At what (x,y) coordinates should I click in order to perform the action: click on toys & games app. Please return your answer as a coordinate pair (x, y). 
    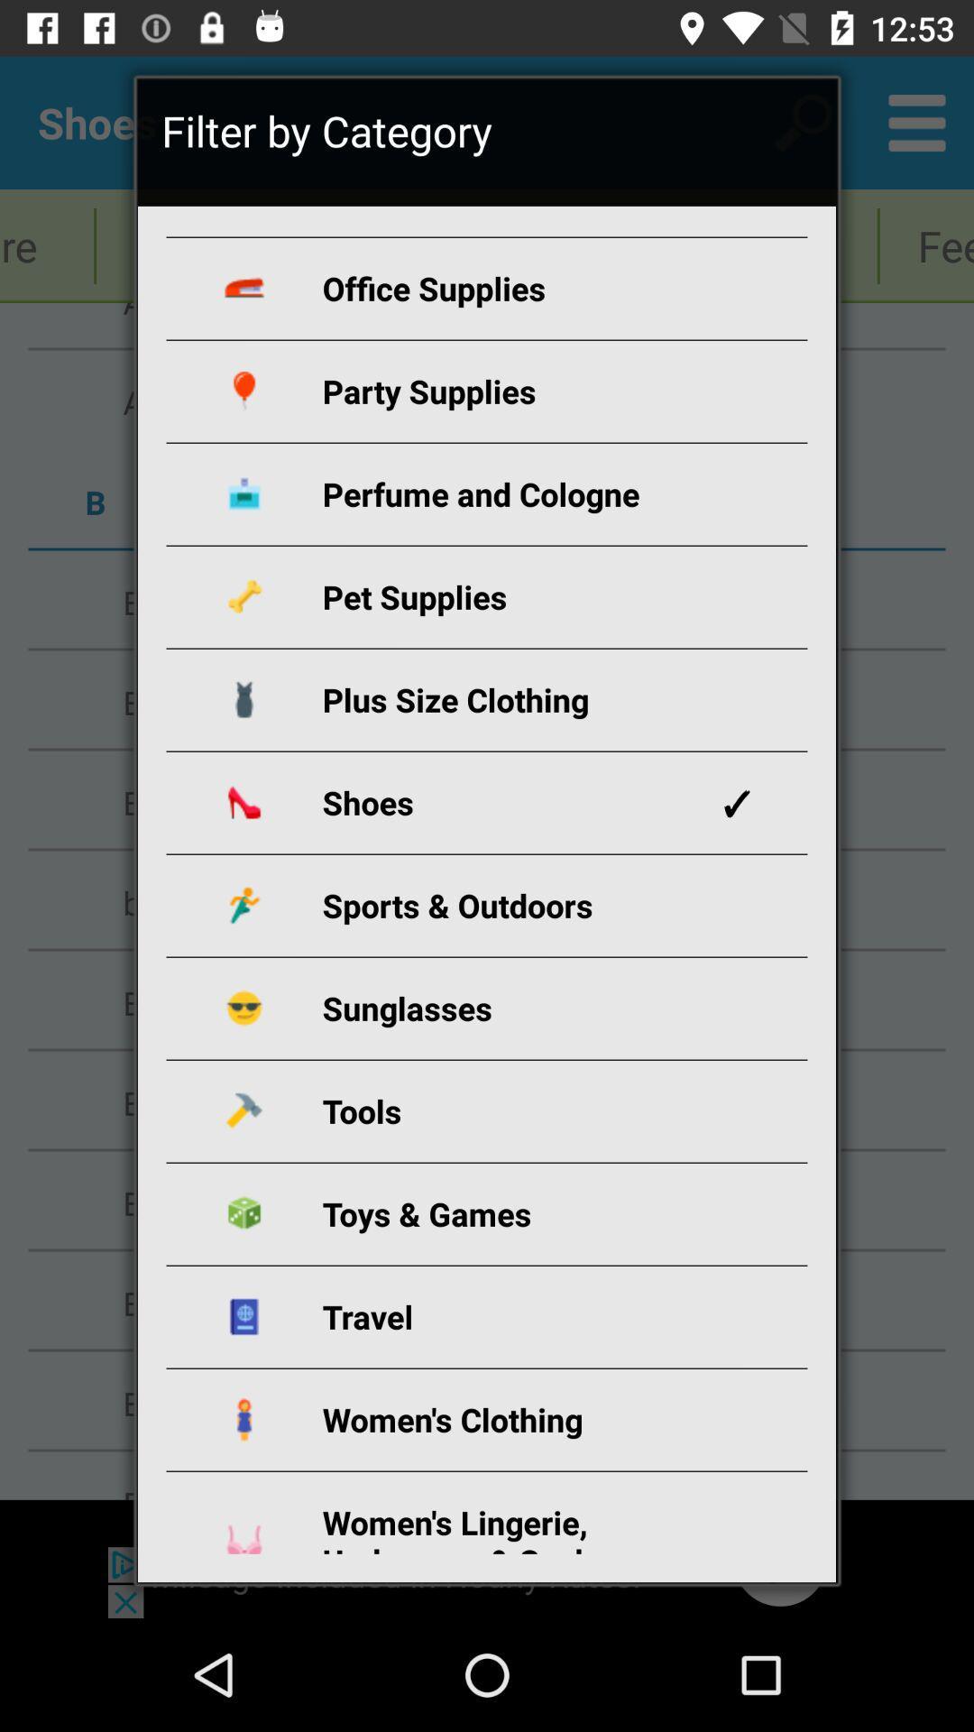
    Looking at the image, I should click on (508, 1213).